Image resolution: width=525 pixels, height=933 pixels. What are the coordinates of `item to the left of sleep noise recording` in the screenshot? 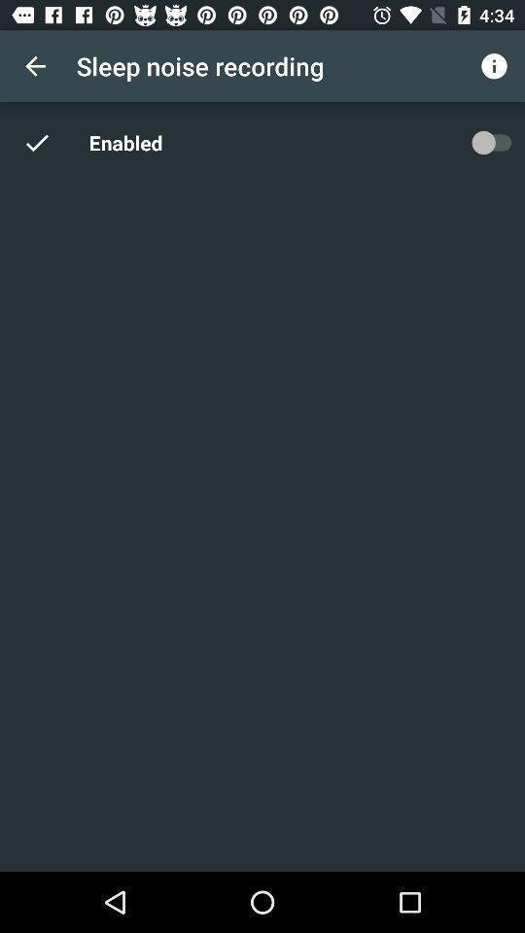 It's located at (35, 66).